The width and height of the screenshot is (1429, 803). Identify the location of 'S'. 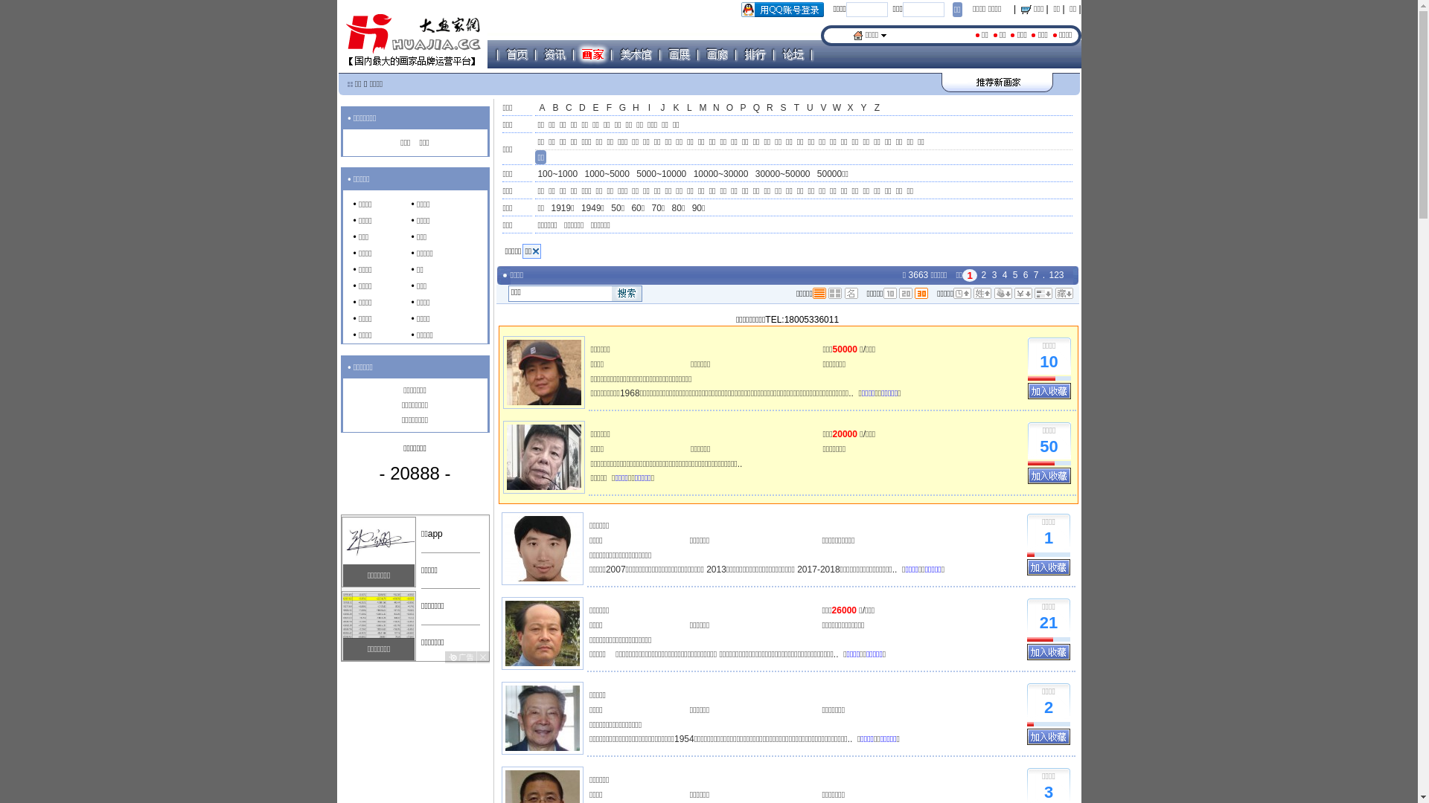
(781, 108).